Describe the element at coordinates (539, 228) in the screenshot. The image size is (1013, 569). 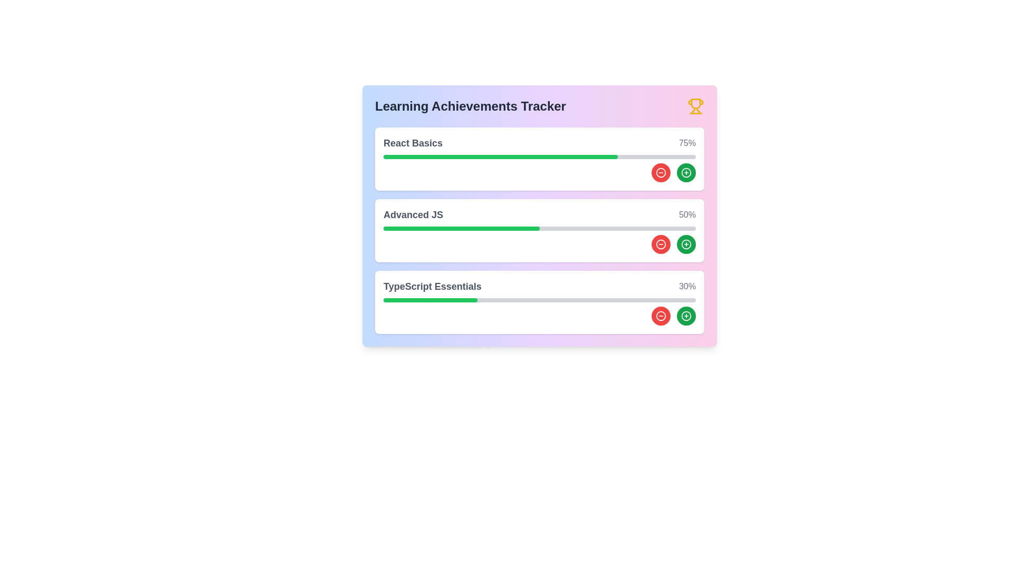
I see `the progress bar representing 50% completion for 'Advanced JS', located below the text 'Advanced JS' and above two round buttons` at that location.